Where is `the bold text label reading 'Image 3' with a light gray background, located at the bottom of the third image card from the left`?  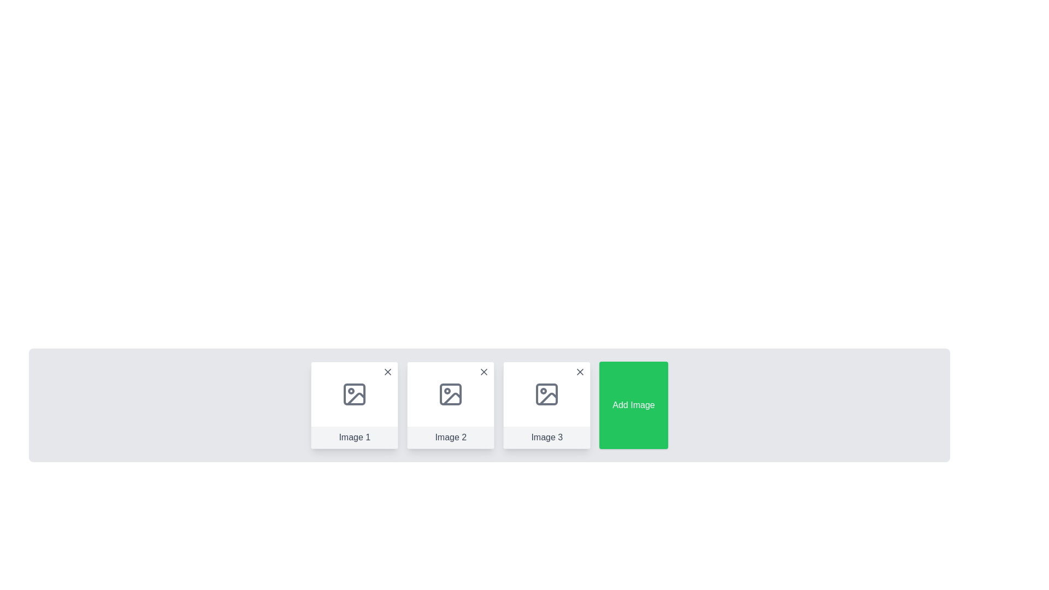
the bold text label reading 'Image 3' with a light gray background, located at the bottom of the third image card from the left is located at coordinates (547, 437).